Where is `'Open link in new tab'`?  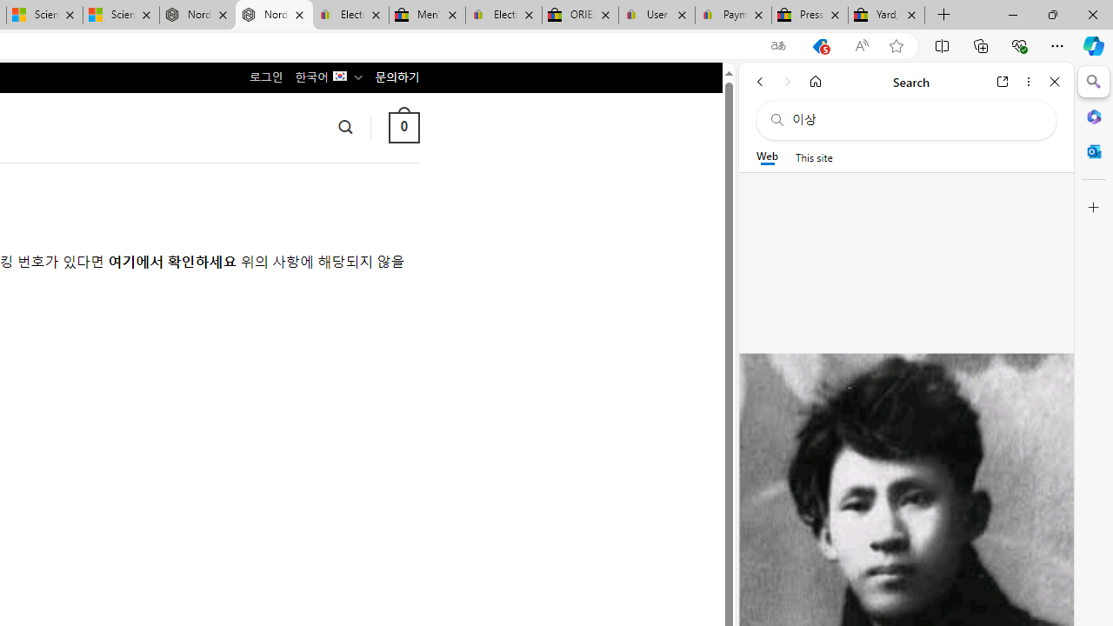
'Open link in new tab' is located at coordinates (1003, 81).